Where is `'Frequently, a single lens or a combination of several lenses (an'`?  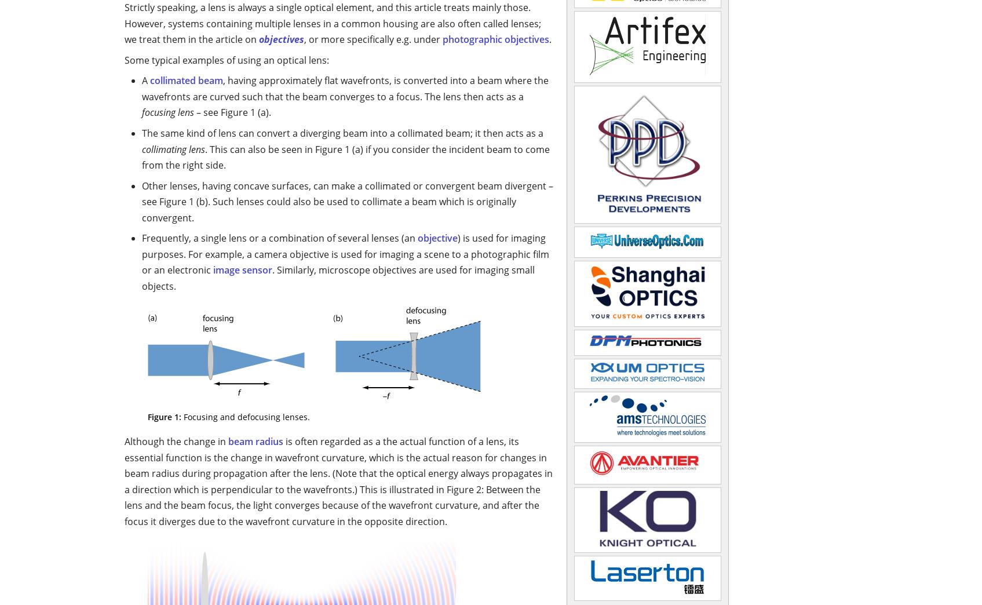 'Frequently, a single lens or a combination of several lenses (an' is located at coordinates (279, 238).